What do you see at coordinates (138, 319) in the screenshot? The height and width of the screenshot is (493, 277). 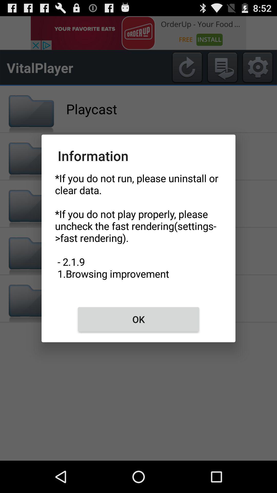 I see `item below the if you do app` at bounding box center [138, 319].